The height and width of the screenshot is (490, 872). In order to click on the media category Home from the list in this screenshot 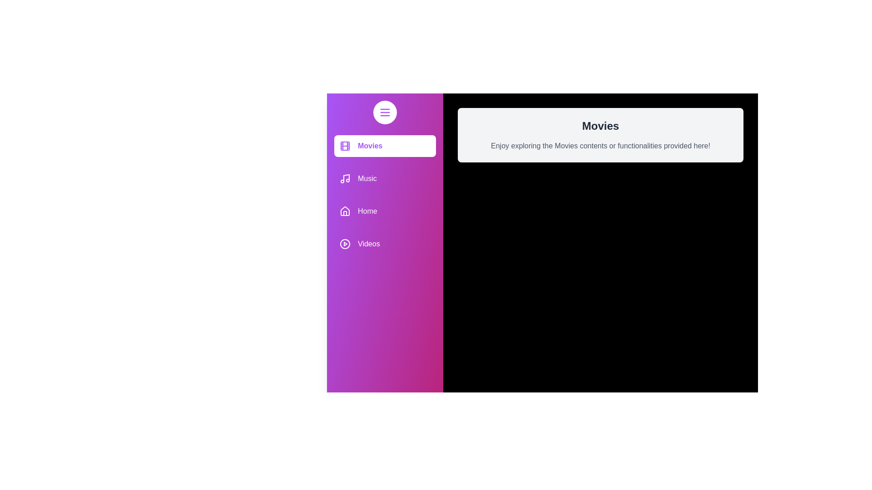, I will do `click(385, 211)`.